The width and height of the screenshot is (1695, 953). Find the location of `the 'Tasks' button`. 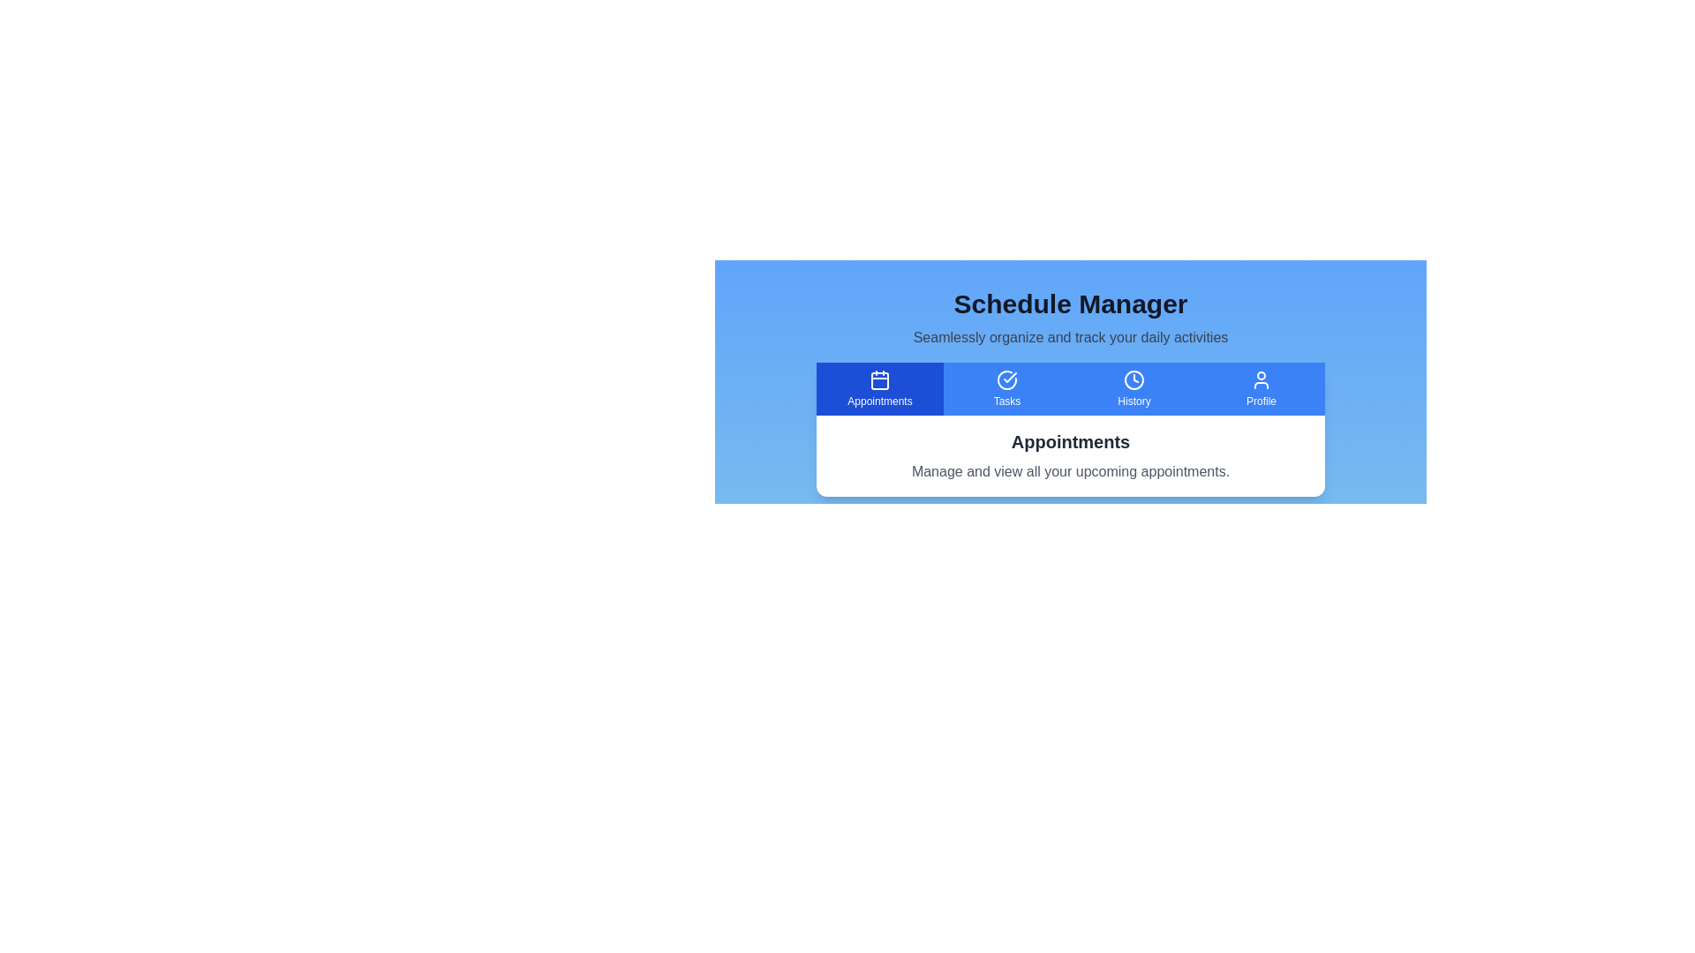

the 'Tasks' button is located at coordinates (1007, 387).